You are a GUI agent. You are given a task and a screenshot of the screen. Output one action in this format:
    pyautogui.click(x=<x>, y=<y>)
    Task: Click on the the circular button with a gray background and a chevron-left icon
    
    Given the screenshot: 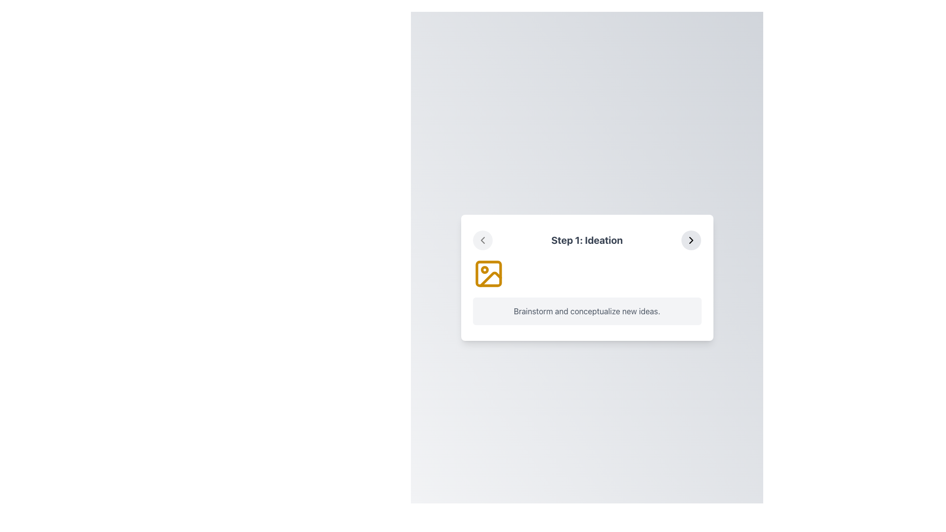 What is the action you would take?
    pyautogui.click(x=482, y=240)
    